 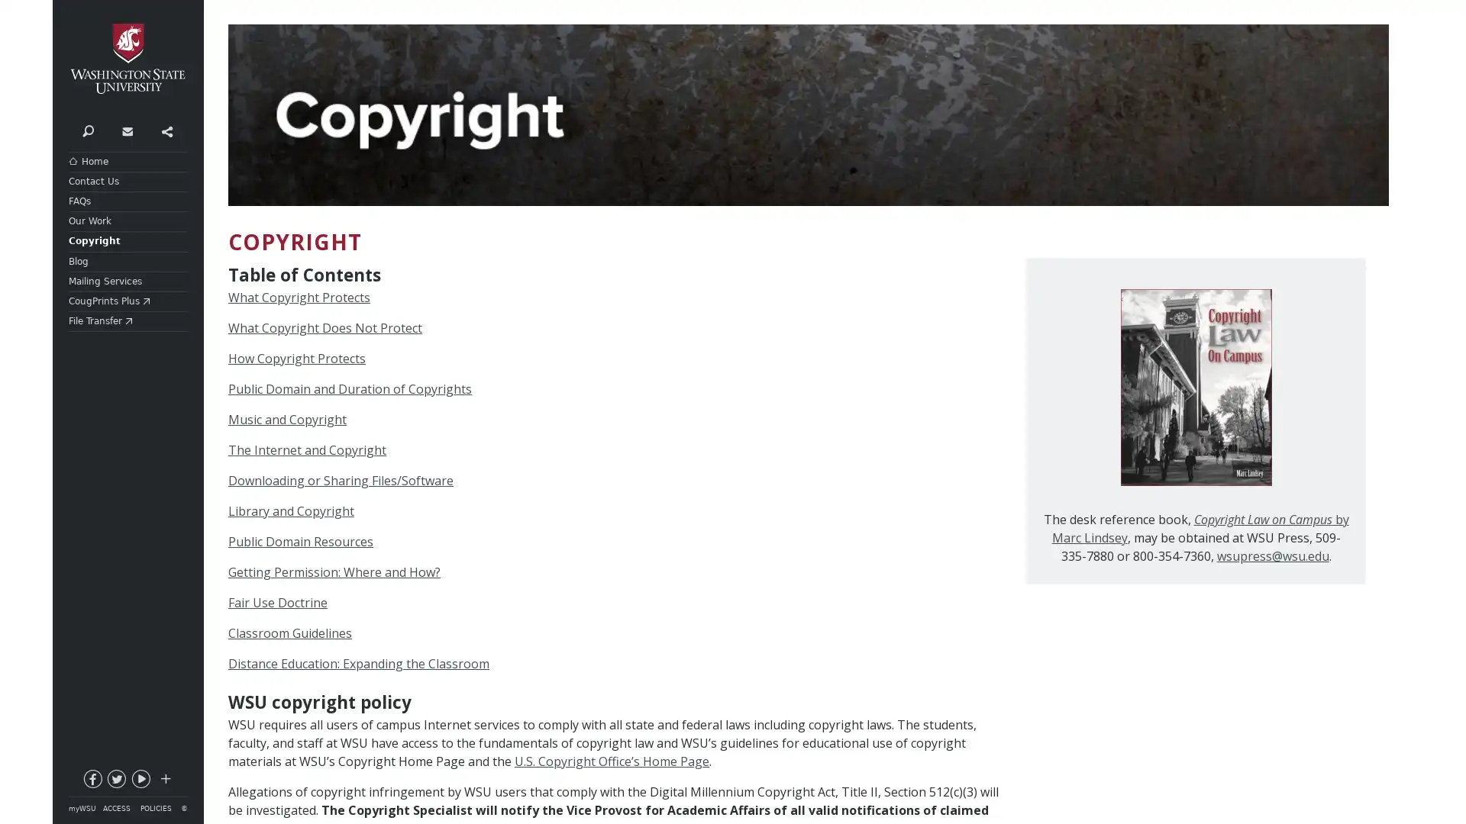 I want to click on $ Search, so click(x=87, y=129).